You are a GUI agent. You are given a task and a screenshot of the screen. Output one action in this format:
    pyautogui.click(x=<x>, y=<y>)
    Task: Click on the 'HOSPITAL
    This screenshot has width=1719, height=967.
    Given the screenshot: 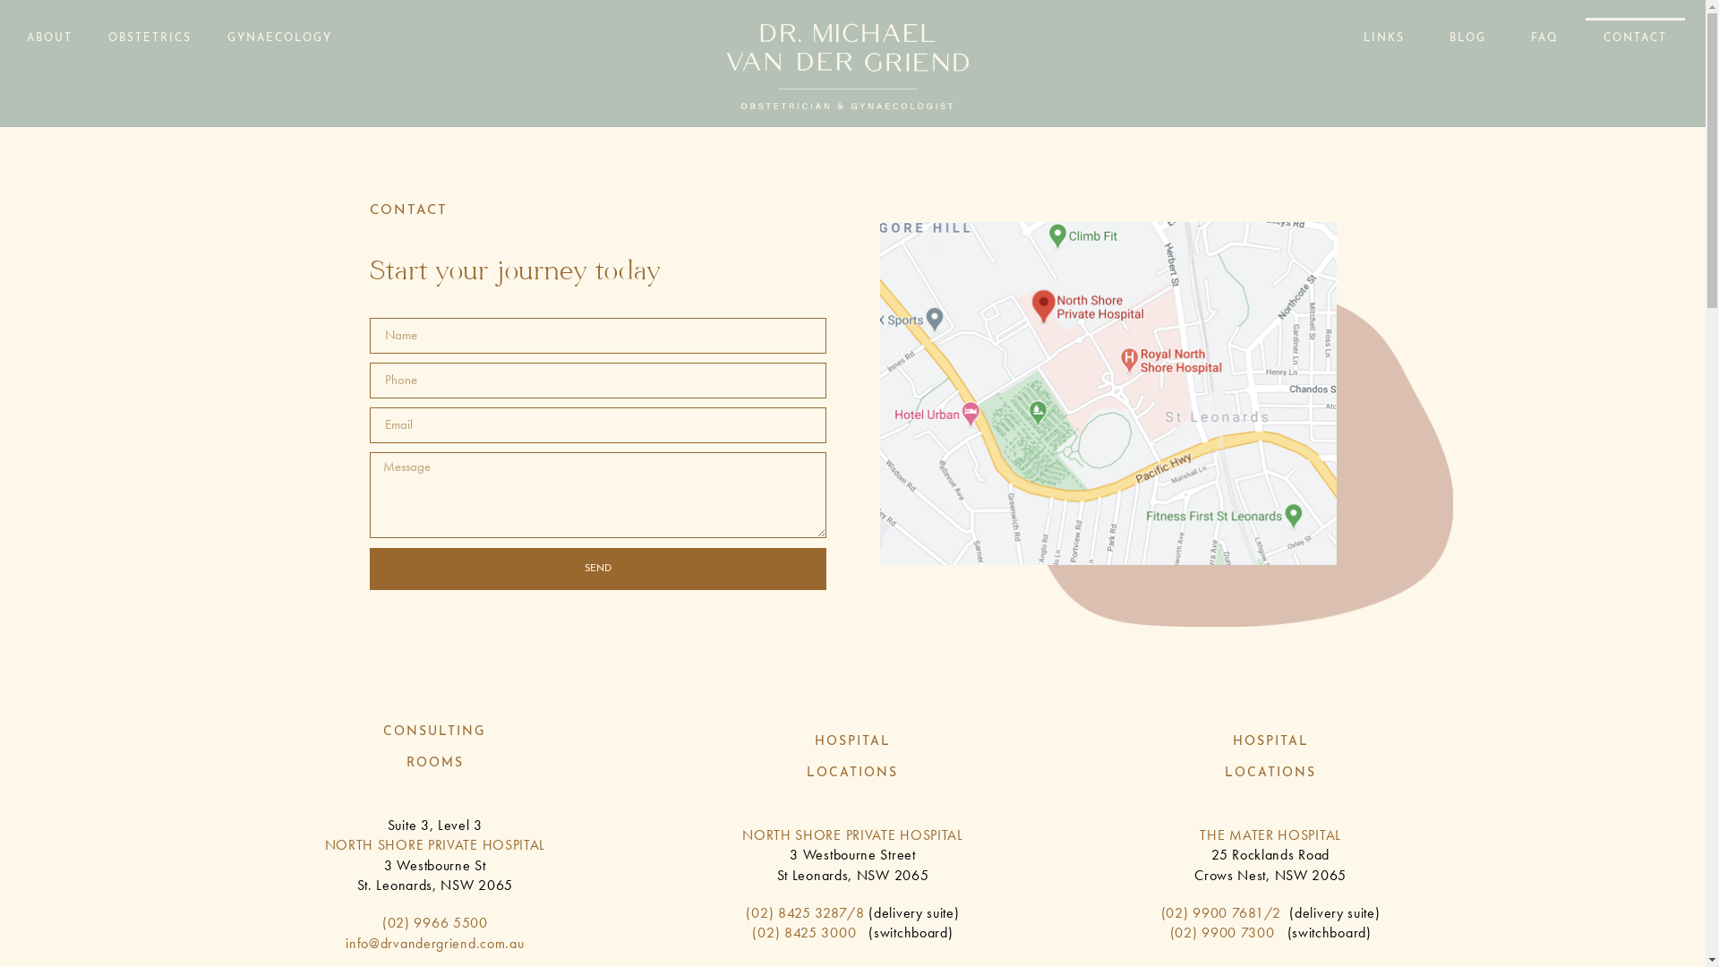 What is the action you would take?
    pyautogui.click(x=851, y=757)
    